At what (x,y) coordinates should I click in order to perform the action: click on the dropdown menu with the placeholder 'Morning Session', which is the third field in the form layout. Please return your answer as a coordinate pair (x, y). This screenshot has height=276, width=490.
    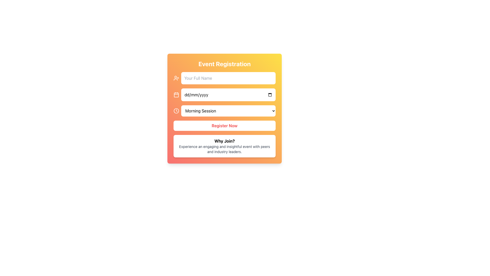
    Looking at the image, I should click on (228, 111).